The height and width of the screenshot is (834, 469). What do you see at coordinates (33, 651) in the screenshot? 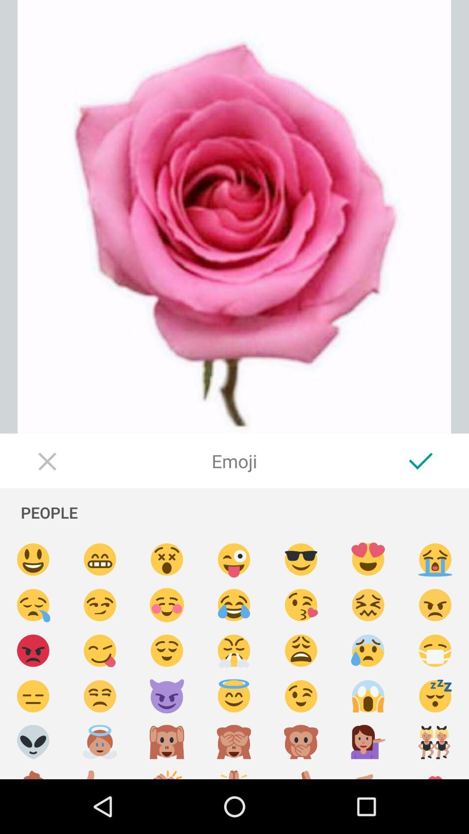
I see `send angry emoji` at bounding box center [33, 651].